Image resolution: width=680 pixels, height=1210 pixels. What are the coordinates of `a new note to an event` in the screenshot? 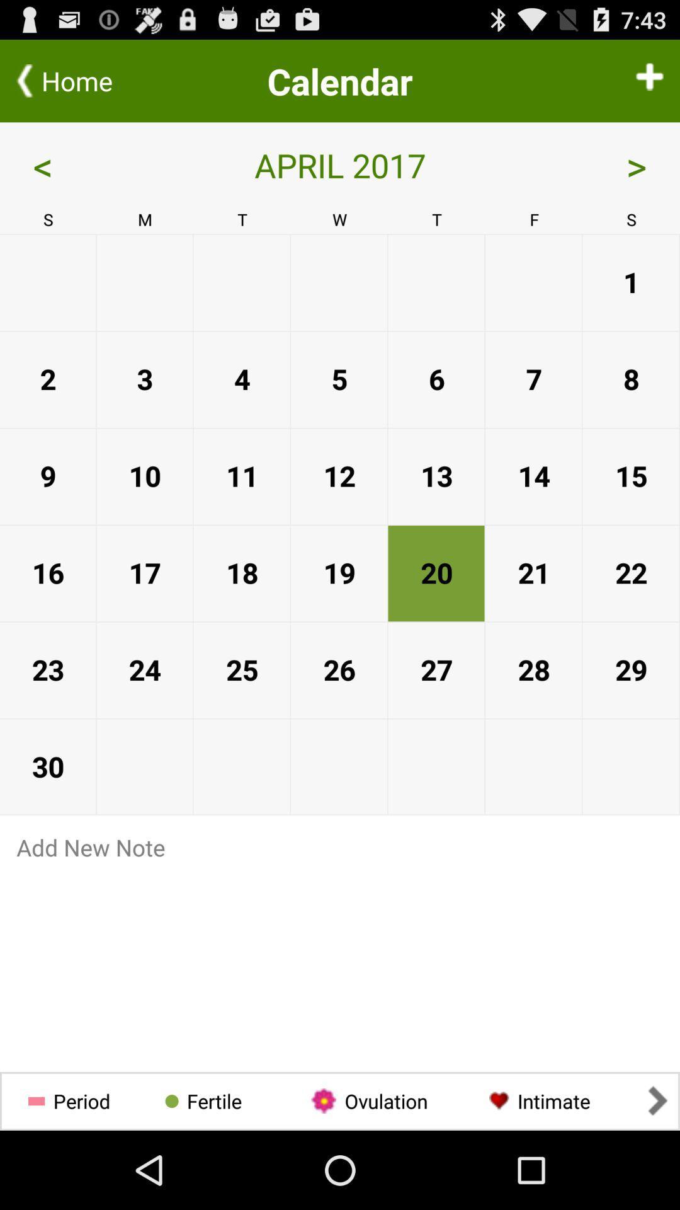 It's located at (340, 847).